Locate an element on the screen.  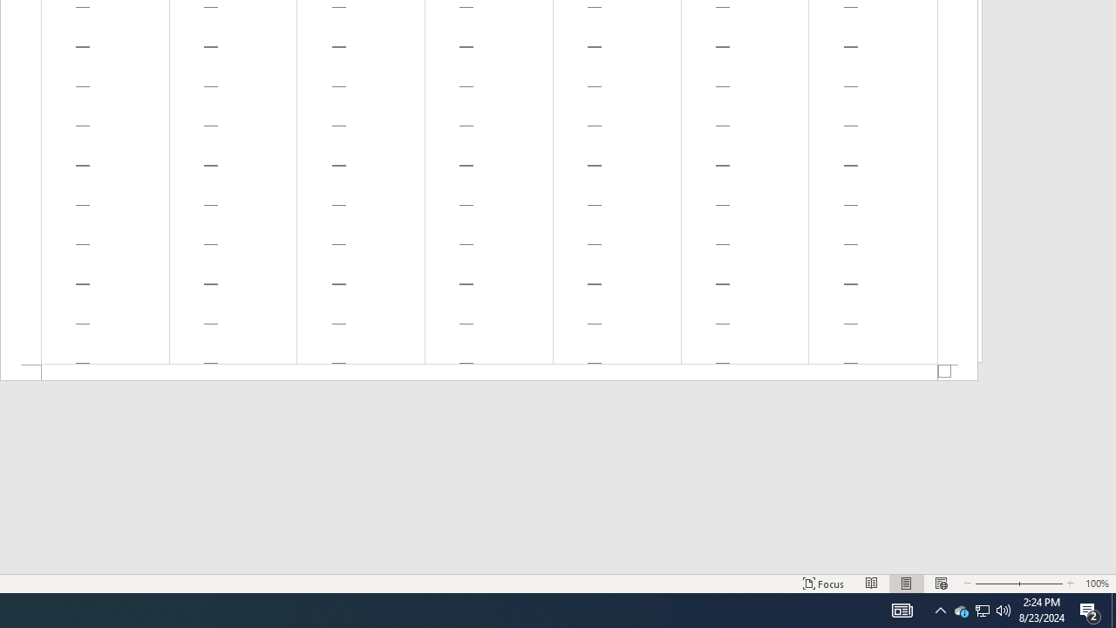
'Action Center, 2 new notifications' is located at coordinates (1090, 609).